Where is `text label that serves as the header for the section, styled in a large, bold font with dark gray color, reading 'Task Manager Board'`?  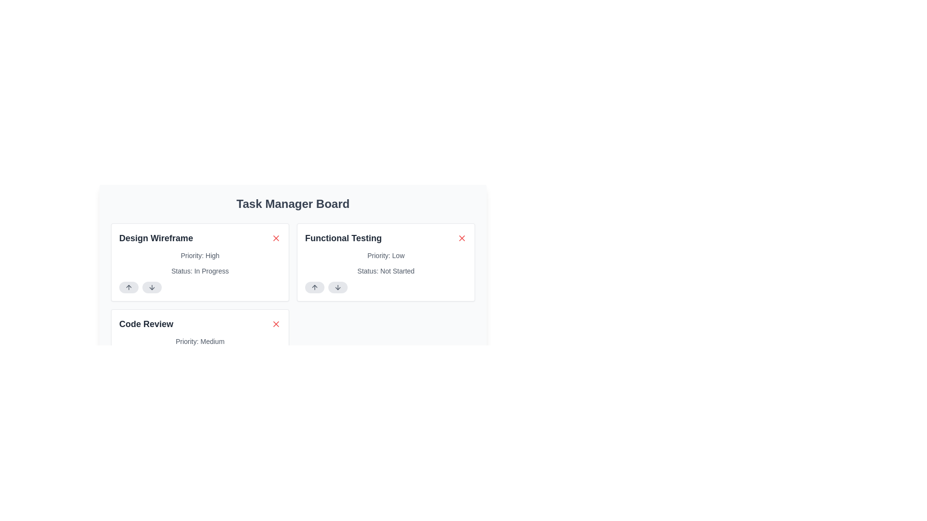
text label that serves as the header for the section, styled in a large, bold font with dark gray color, reading 'Task Manager Board' is located at coordinates (292, 204).